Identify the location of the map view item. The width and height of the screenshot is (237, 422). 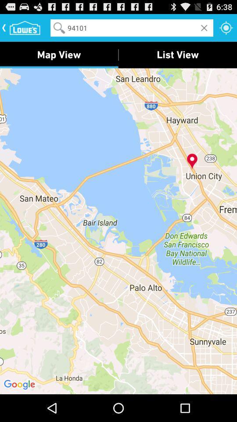
(59, 54).